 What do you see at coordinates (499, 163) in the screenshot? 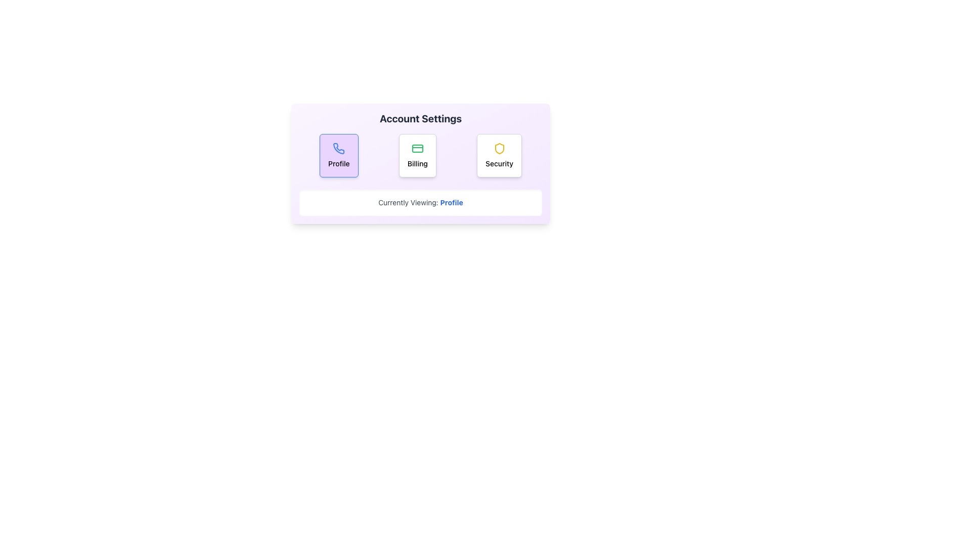
I see `the 'Security' text label, which is styled as a small dark text beneath a yellow shield icon within a card-like structure in the 'Account Settings' section` at bounding box center [499, 163].